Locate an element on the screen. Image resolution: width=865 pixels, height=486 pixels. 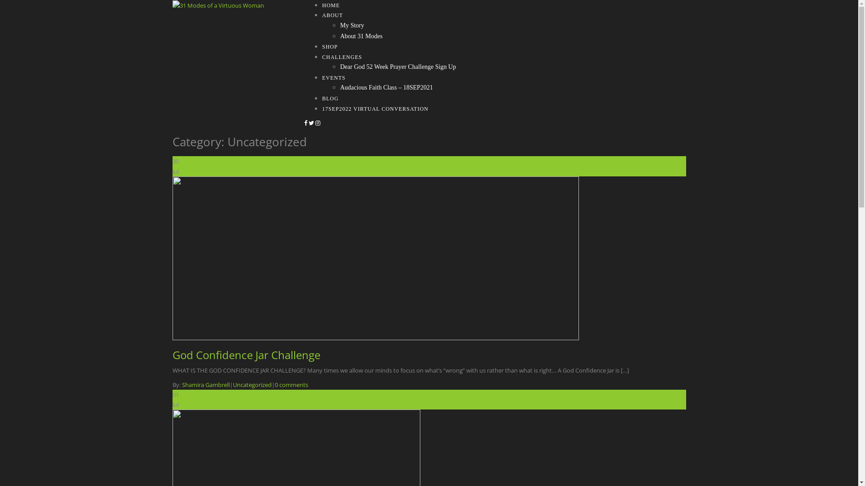
'About 31 Modes' is located at coordinates (361, 36).